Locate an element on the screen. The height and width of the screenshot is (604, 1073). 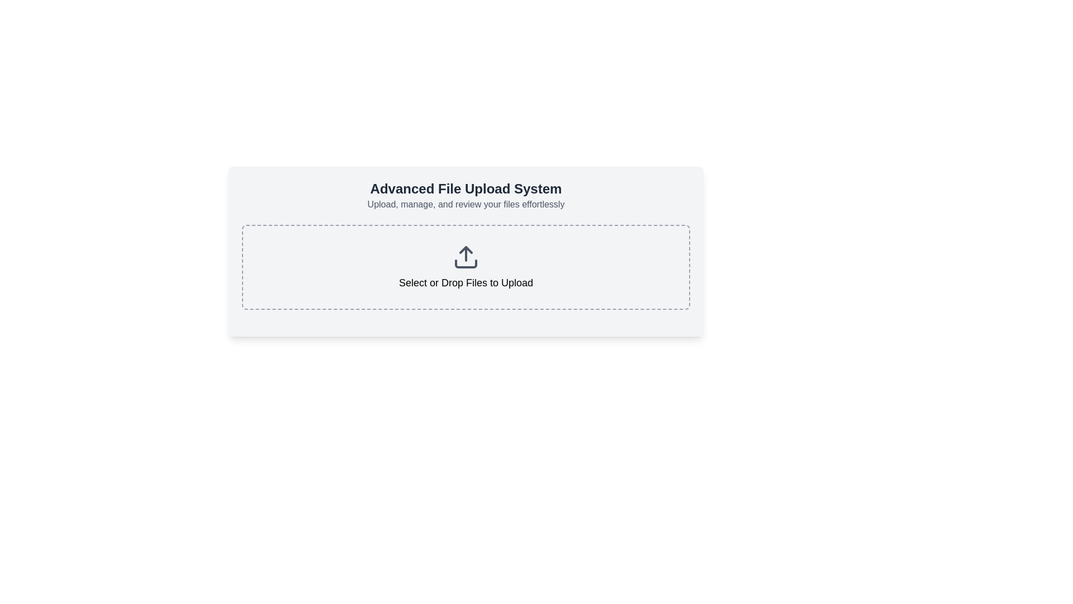
the static text field that reads 'Upload, manage, and review your files effortlessly', which is styled with a gray font color and is located below the title 'Advanced File Upload System' is located at coordinates (466, 205).